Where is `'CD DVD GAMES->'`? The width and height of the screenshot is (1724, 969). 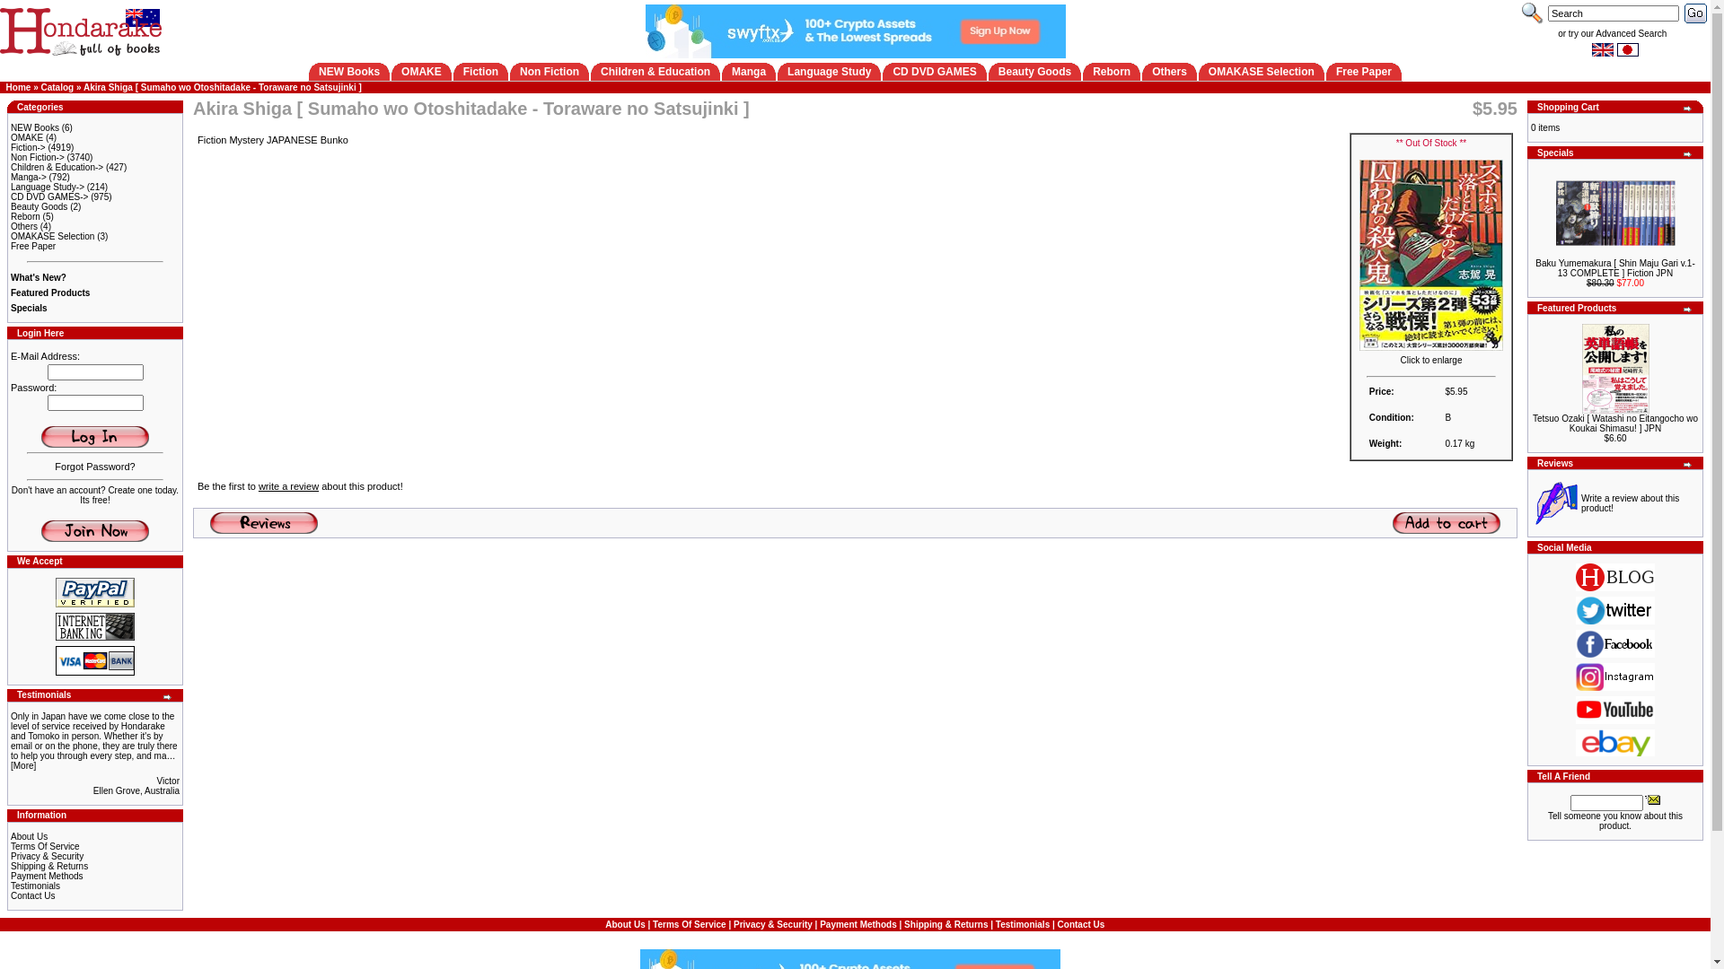 'CD DVD GAMES->' is located at coordinates (48, 196).